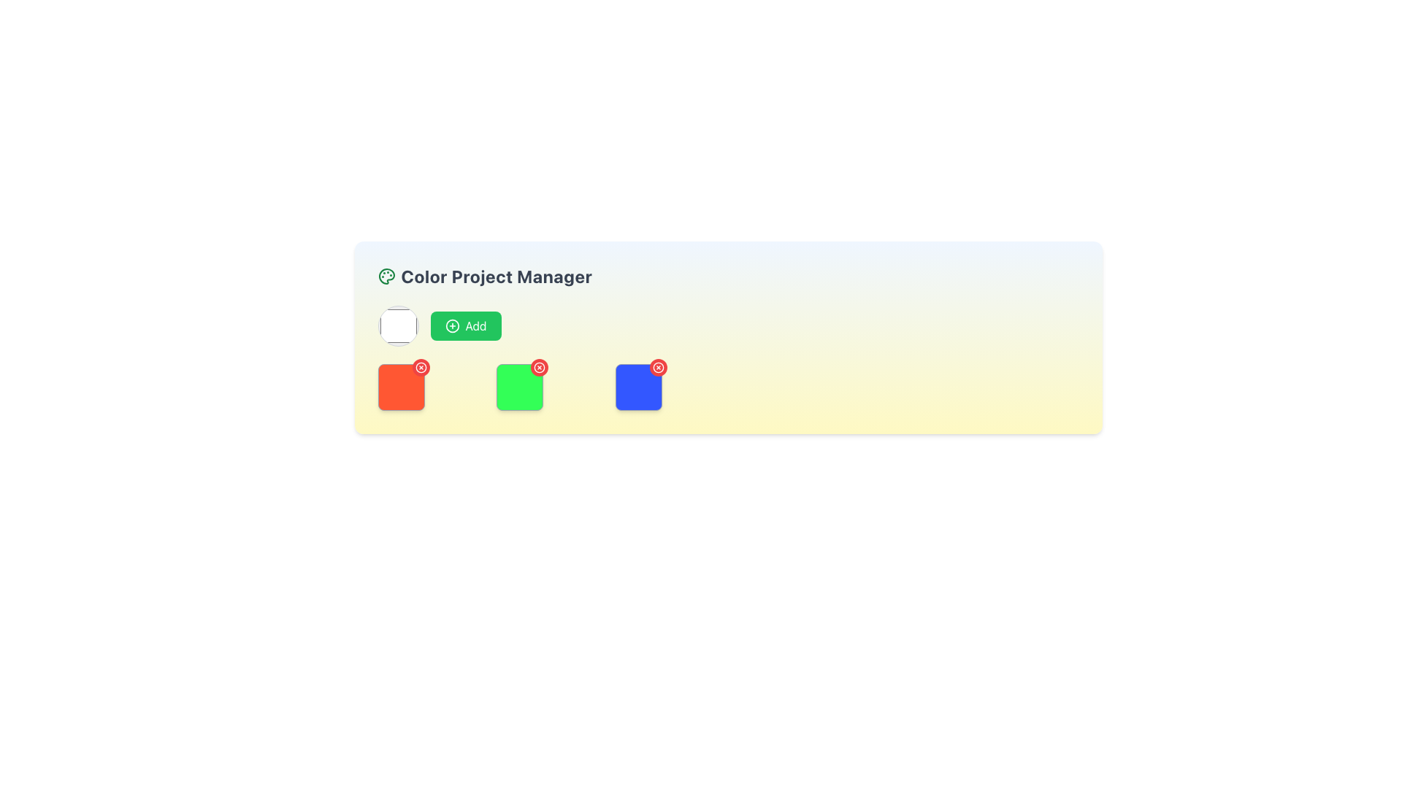 This screenshot has height=788, width=1402. Describe the element at coordinates (420, 367) in the screenshot. I see `the close button located at the top-right corner of the red square box` at that location.